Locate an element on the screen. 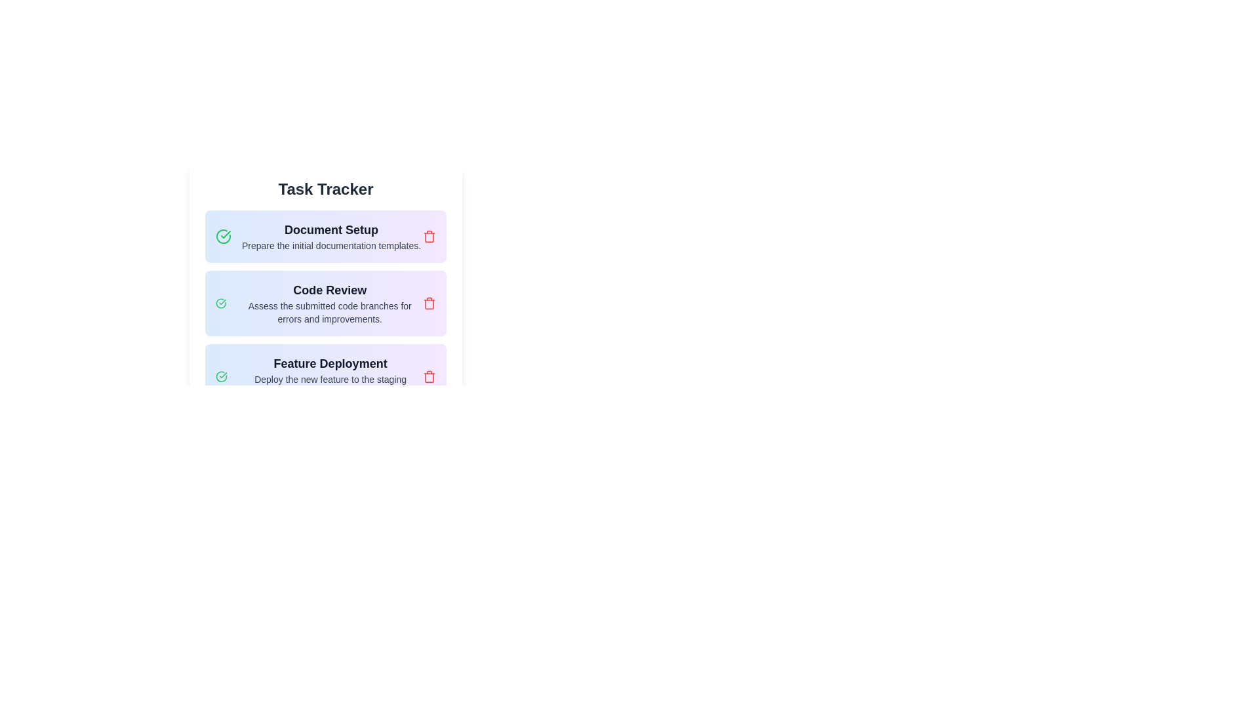  the task list item titled 'Feature Deployment', which includes the description 'Deploy the new feature to the staging environment and test.' This item is the third in a vertical list of tasks in the task management interface is located at coordinates (330, 376).